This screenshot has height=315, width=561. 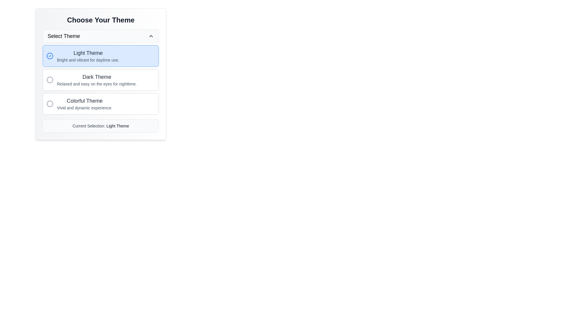 I want to click on the text label that reads 'Vivid and dynamic experience.' which is located below the heading 'Colorful Theme', so click(x=84, y=108).